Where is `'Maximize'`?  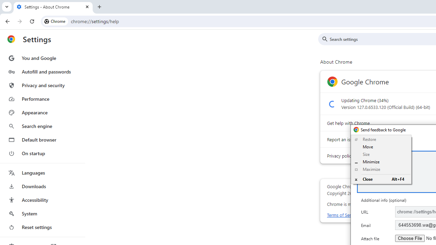 'Maximize' is located at coordinates (380, 169).